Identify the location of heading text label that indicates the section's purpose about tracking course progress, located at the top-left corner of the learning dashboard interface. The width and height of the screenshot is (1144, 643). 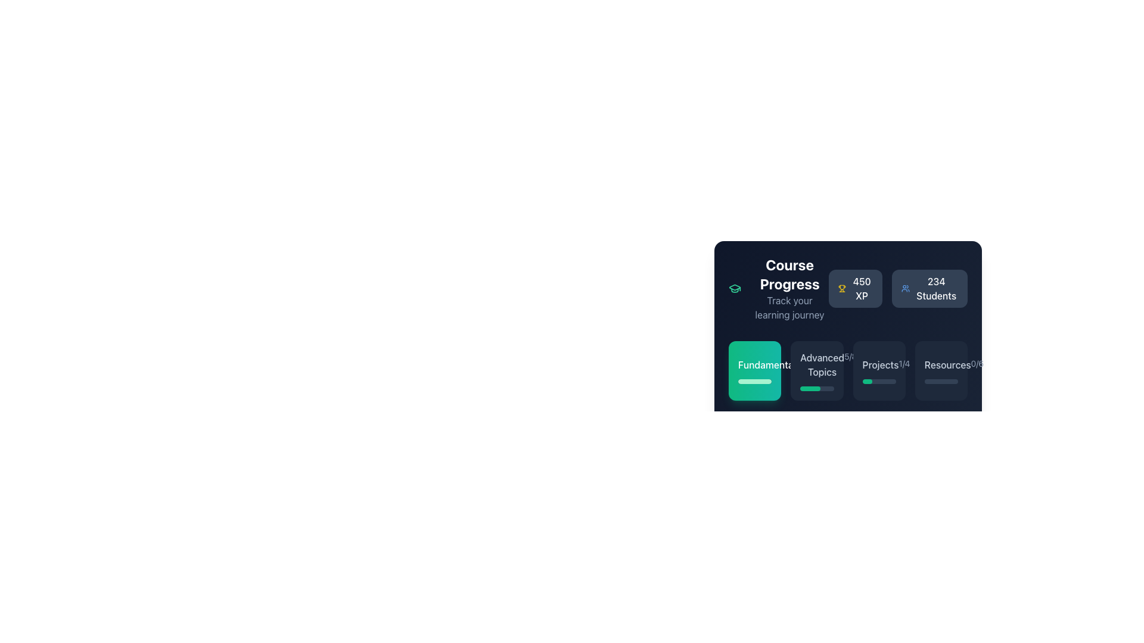
(789, 274).